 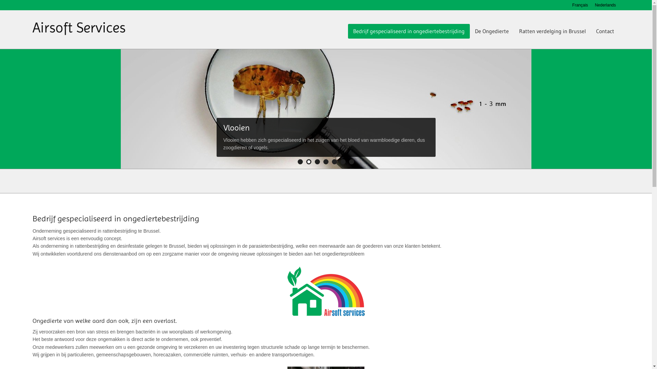 What do you see at coordinates (491, 31) in the screenshot?
I see `'De Ongedierte'` at bounding box center [491, 31].